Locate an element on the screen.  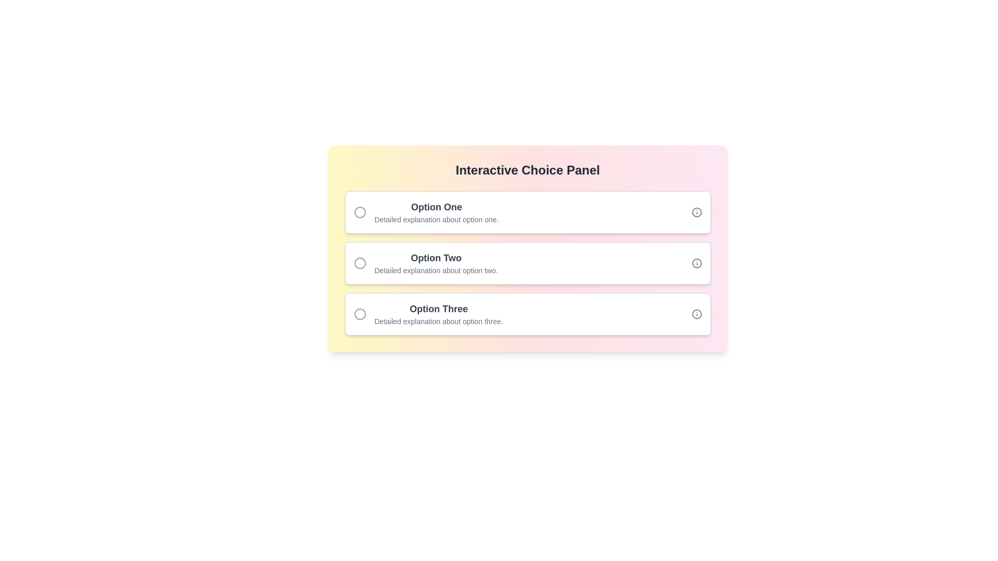
the static text label that serves as the title for the third option in the informational interface, positioned above the explanatory text is located at coordinates (439, 308).